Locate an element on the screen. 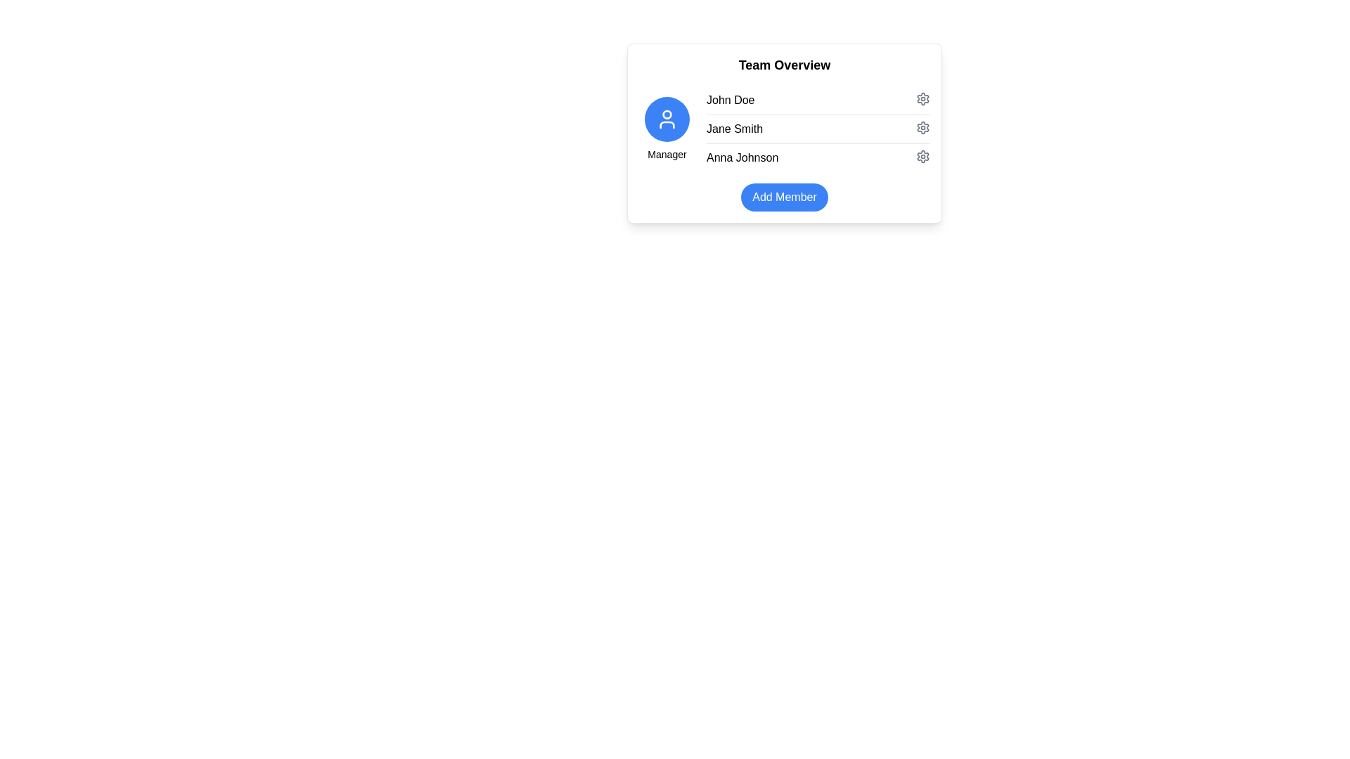 This screenshot has height=759, width=1350. the List Item representing a team member's information located is located at coordinates (784, 133).